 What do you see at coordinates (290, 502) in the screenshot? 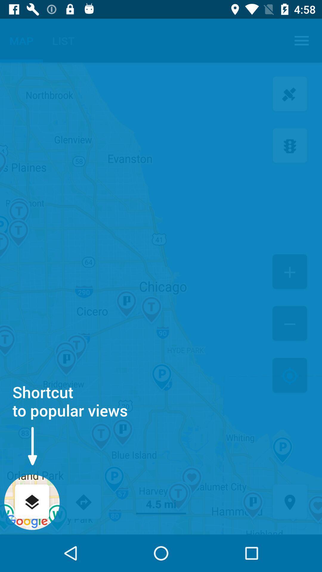
I see `gps location button` at bounding box center [290, 502].